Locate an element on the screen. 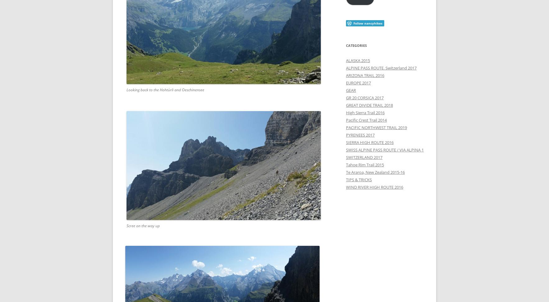 The image size is (549, 302). 'Scree on the way up' is located at coordinates (143, 226).